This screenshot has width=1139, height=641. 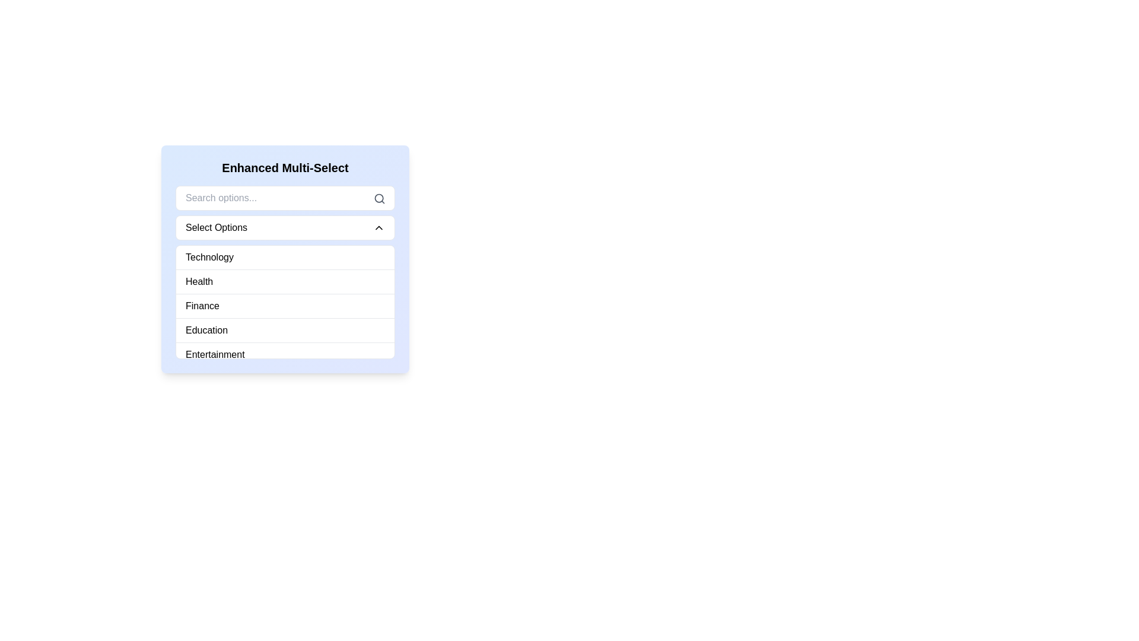 I want to click on the 'Finance' option in the dropdown list, so click(x=202, y=306).